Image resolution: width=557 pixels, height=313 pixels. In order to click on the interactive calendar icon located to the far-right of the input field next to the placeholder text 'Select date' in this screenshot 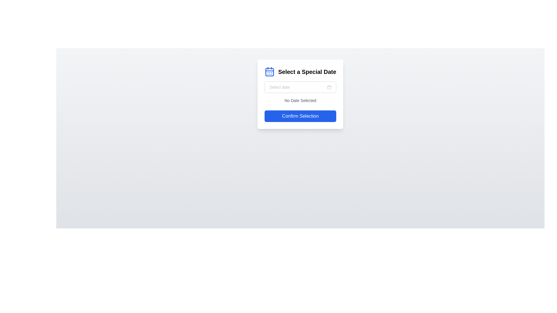, I will do `click(329, 87)`.